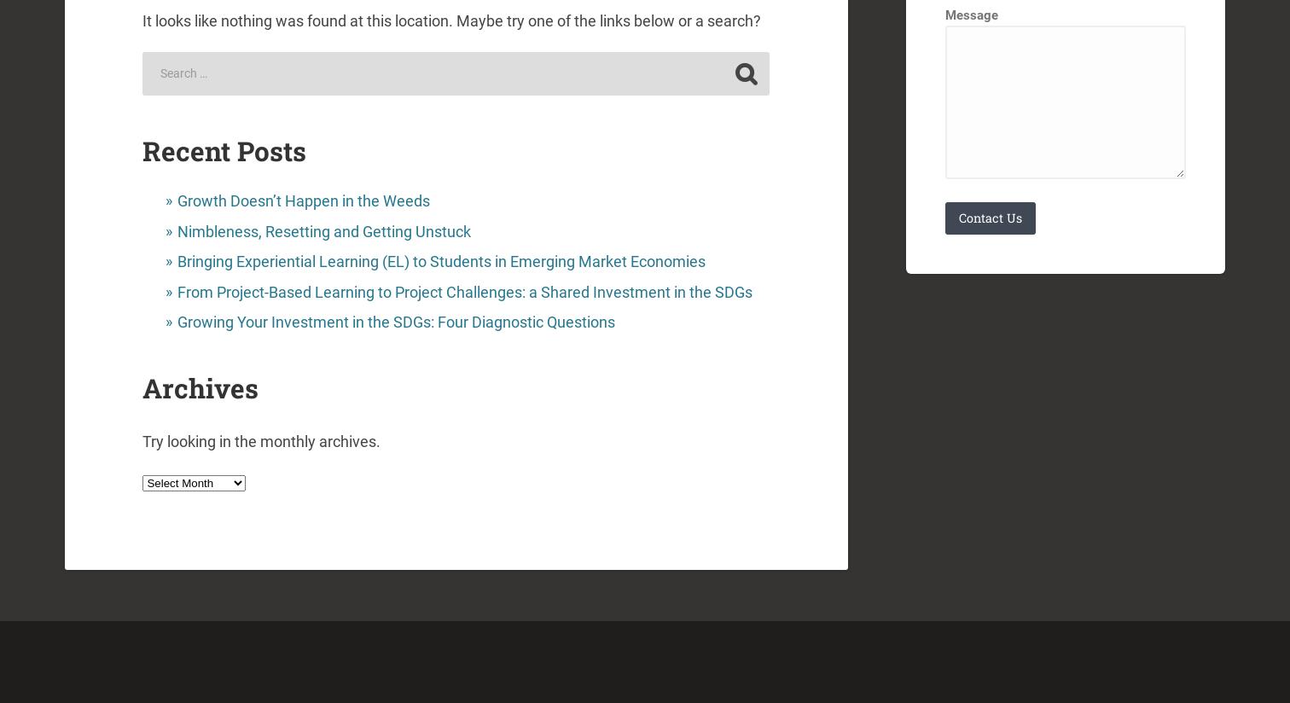  What do you see at coordinates (261, 440) in the screenshot?
I see `'Try looking in the monthly archives.'` at bounding box center [261, 440].